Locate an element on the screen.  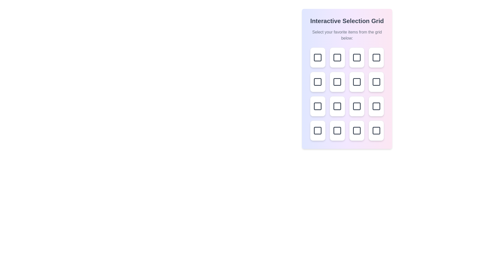
the interactive selectable grid tile located in the last row and second column, which features a white square with rounded corners and a dark blue border is located at coordinates (337, 130).